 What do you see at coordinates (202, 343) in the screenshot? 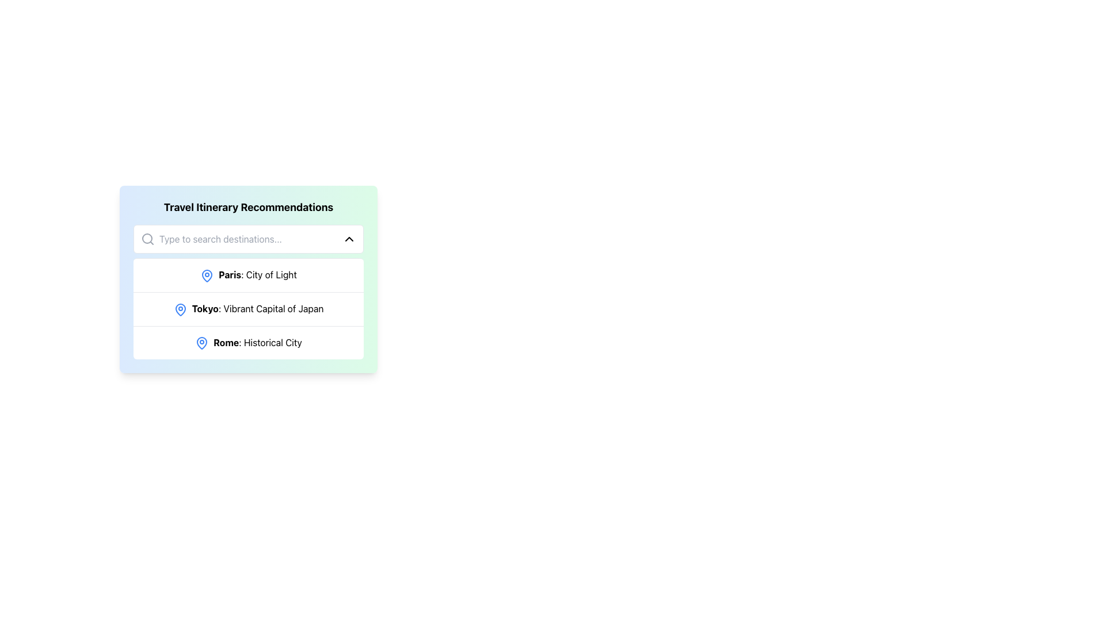
I see `the blue map pin-shaped icon located to the left of the text 'Rome: Historical City' in the 'Travel Itinerary Recommendations' section` at bounding box center [202, 343].